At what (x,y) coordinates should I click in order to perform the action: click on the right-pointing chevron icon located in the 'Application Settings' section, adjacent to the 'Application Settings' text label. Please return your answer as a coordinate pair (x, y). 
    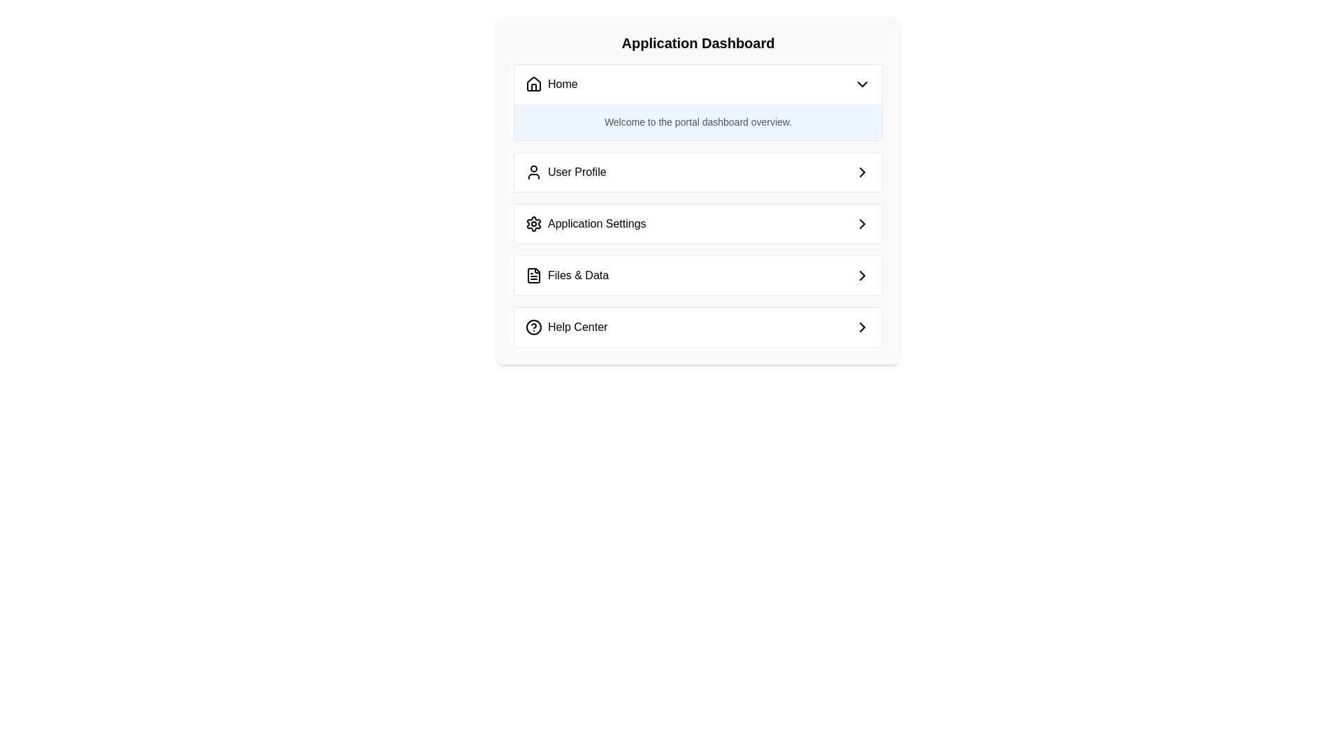
    Looking at the image, I should click on (861, 223).